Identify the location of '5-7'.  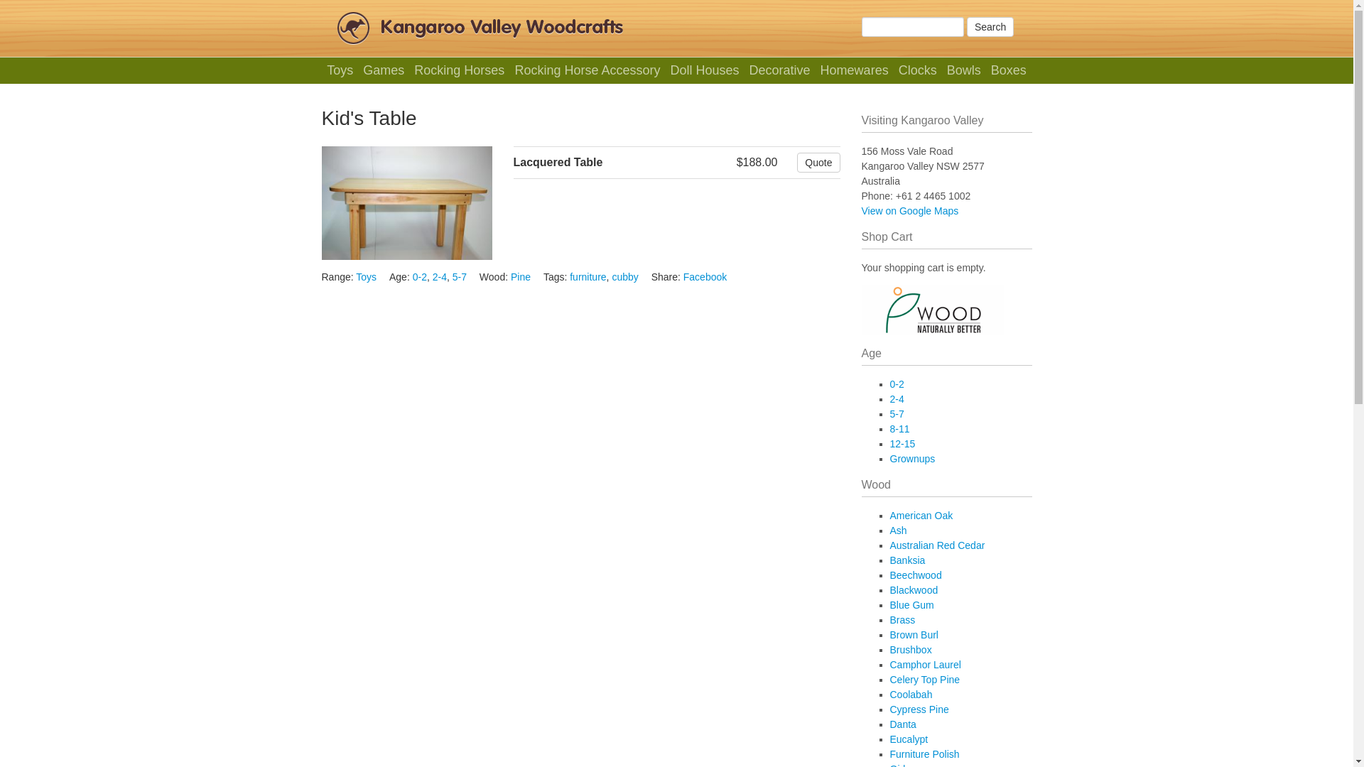
(460, 276).